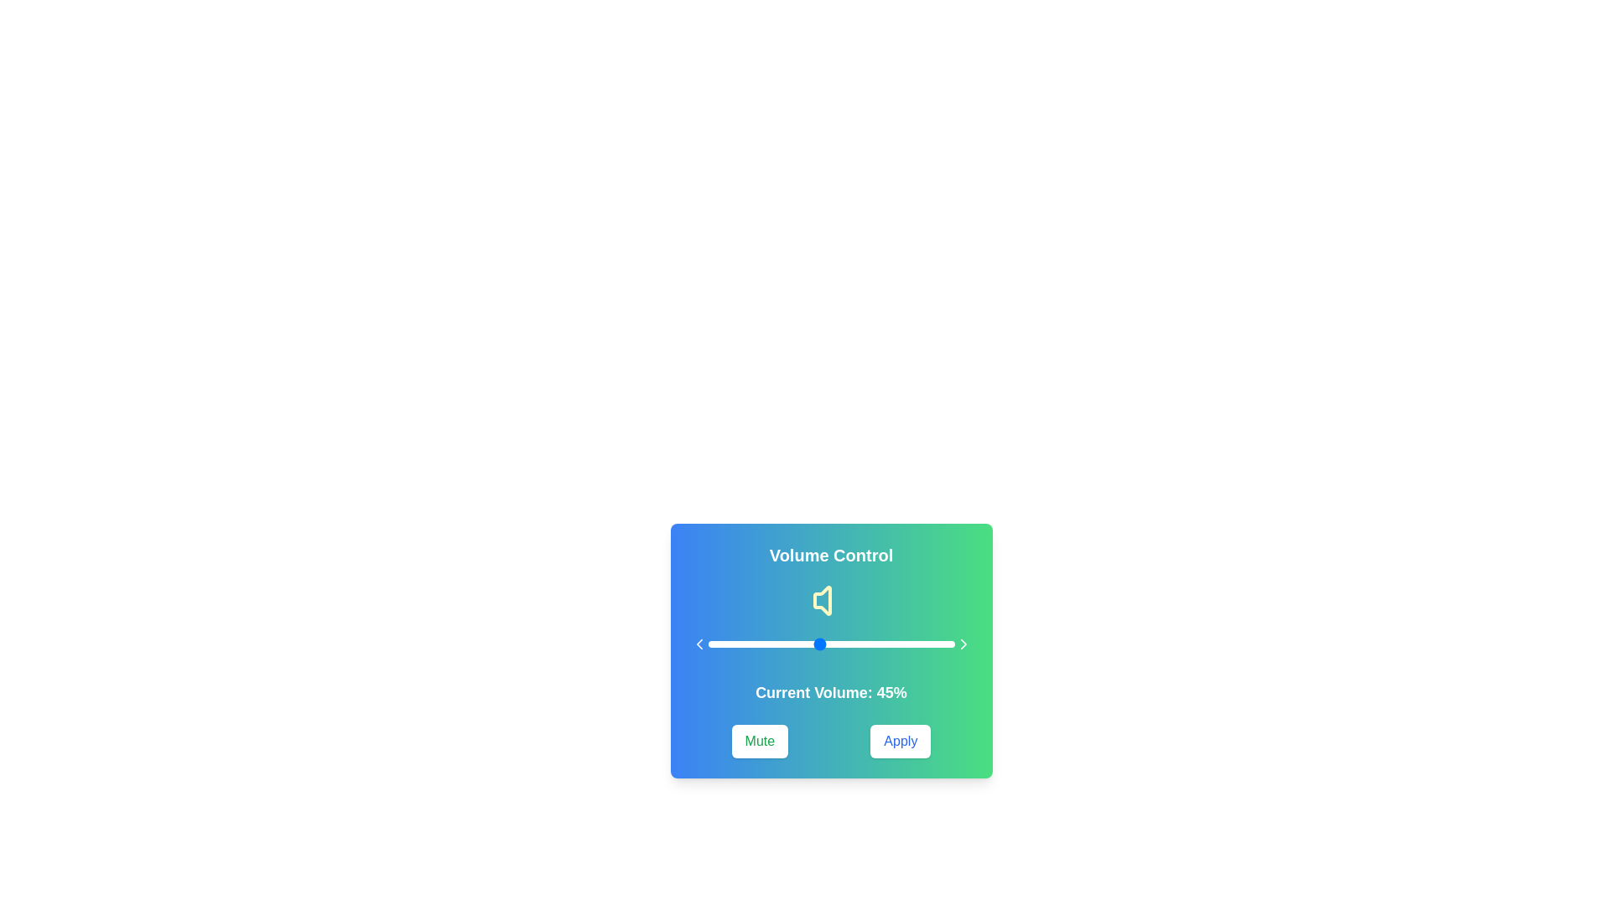 This screenshot has width=1610, height=905. Describe the element at coordinates (759, 740) in the screenshot. I see `the 'Mute' button to mute the volume` at that location.